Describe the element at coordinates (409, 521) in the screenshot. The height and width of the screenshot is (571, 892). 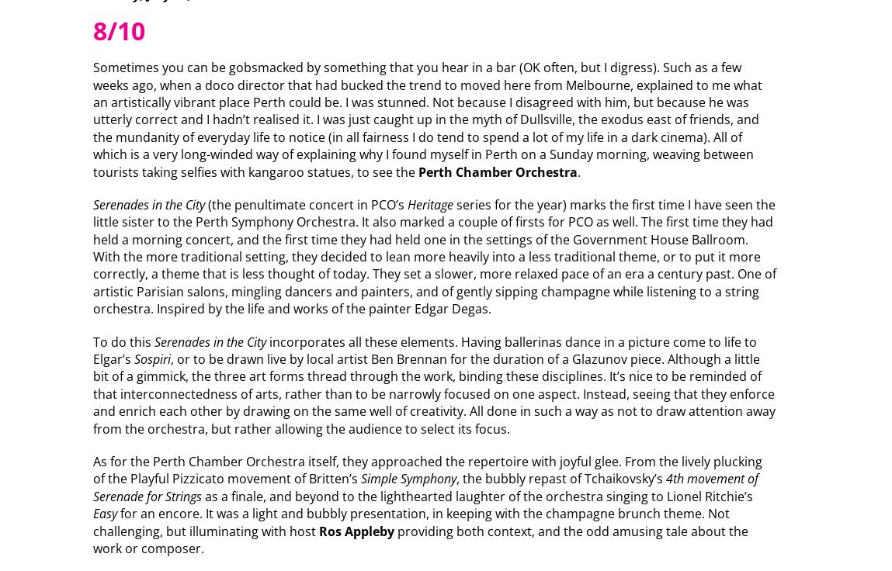
I see `'for an encore. It was a light and bubbly presentation, in keeping with the champagne brunch theme. Not challenging, but illuminating with host'` at that location.